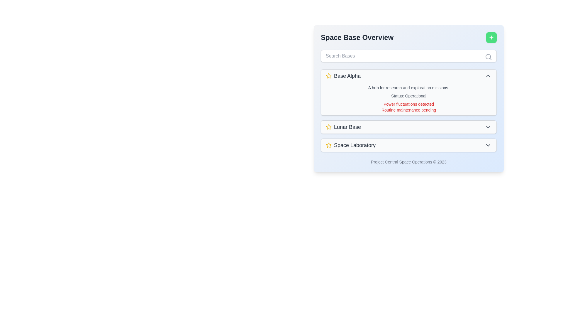  What do you see at coordinates (329, 127) in the screenshot?
I see `the yellow outlined star icon with a white background that is positioned to the immediate left of the text label 'Lunar Base'` at bounding box center [329, 127].